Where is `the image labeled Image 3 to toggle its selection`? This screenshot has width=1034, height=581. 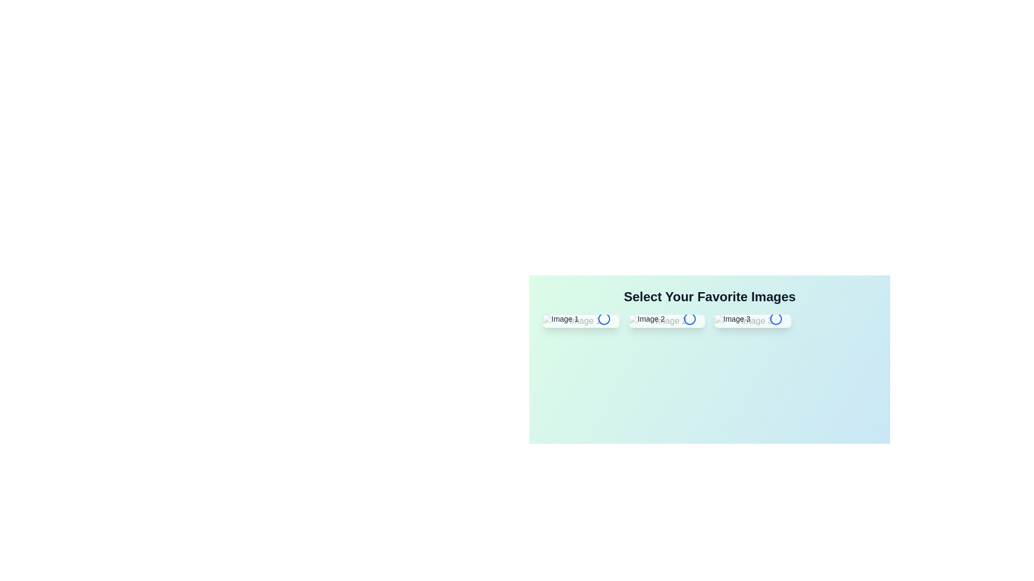
the image labeled Image 3 to toggle its selection is located at coordinates (752, 321).